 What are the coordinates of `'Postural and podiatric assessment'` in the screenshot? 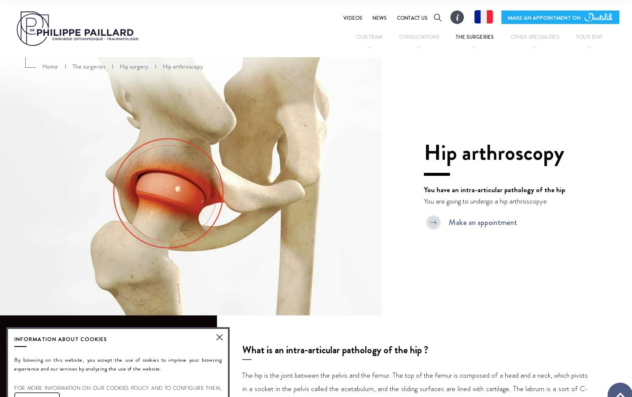 It's located at (541, 101).